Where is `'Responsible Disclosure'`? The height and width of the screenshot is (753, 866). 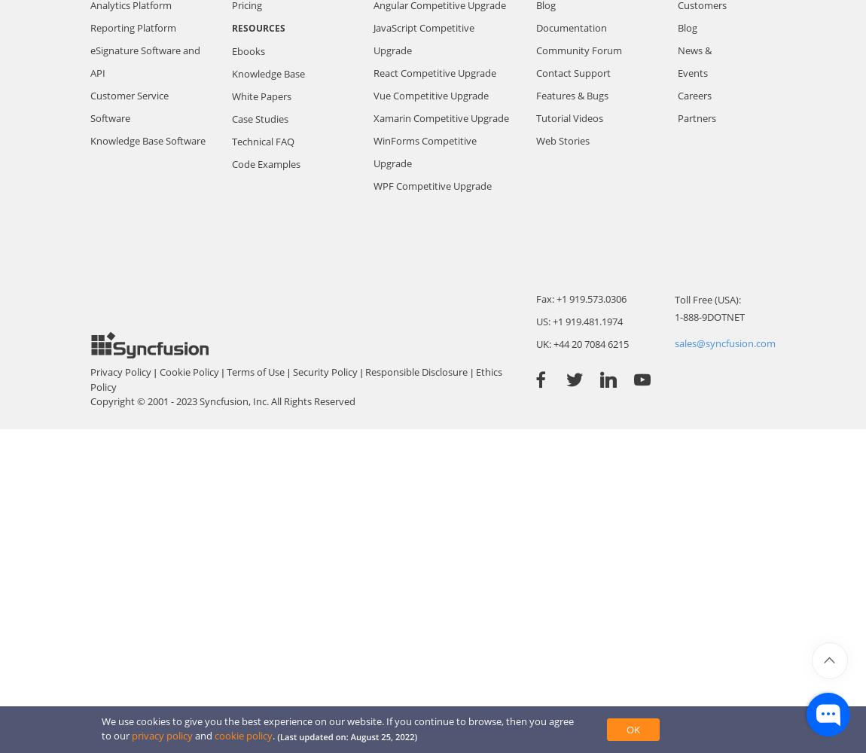
'Responsible Disclosure' is located at coordinates (416, 371).